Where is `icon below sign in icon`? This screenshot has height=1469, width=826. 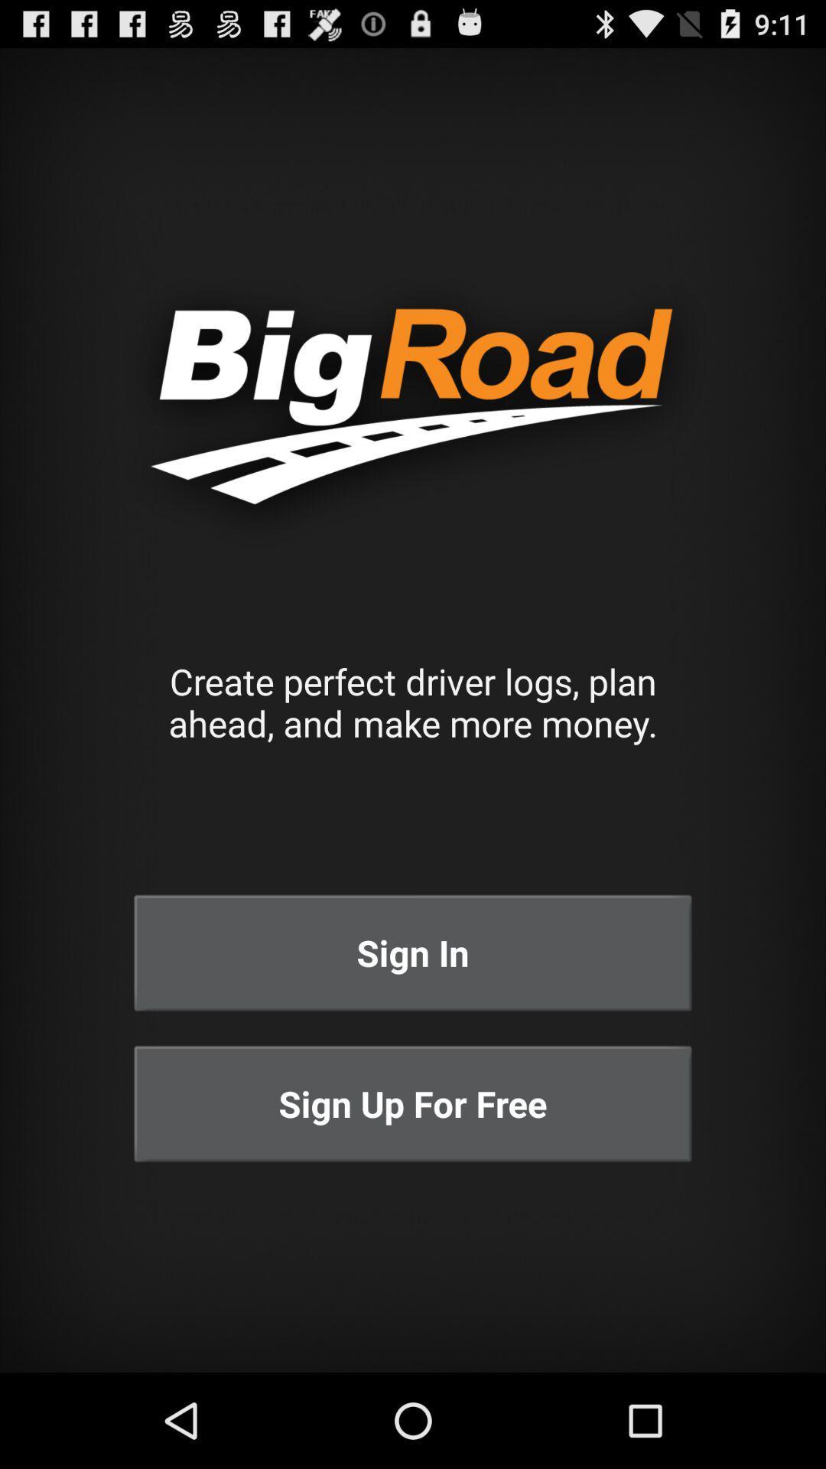
icon below sign in icon is located at coordinates (413, 1104).